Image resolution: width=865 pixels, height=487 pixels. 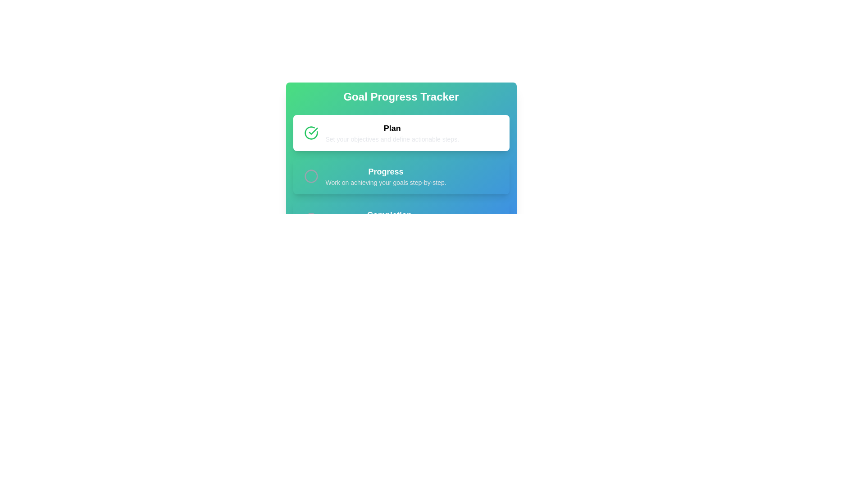 What do you see at coordinates (311, 176) in the screenshot?
I see `the circular SVG graphic element located in the 'Progress' section, positioned below the 'Plan' section and aligned to the left of the text` at bounding box center [311, 176].